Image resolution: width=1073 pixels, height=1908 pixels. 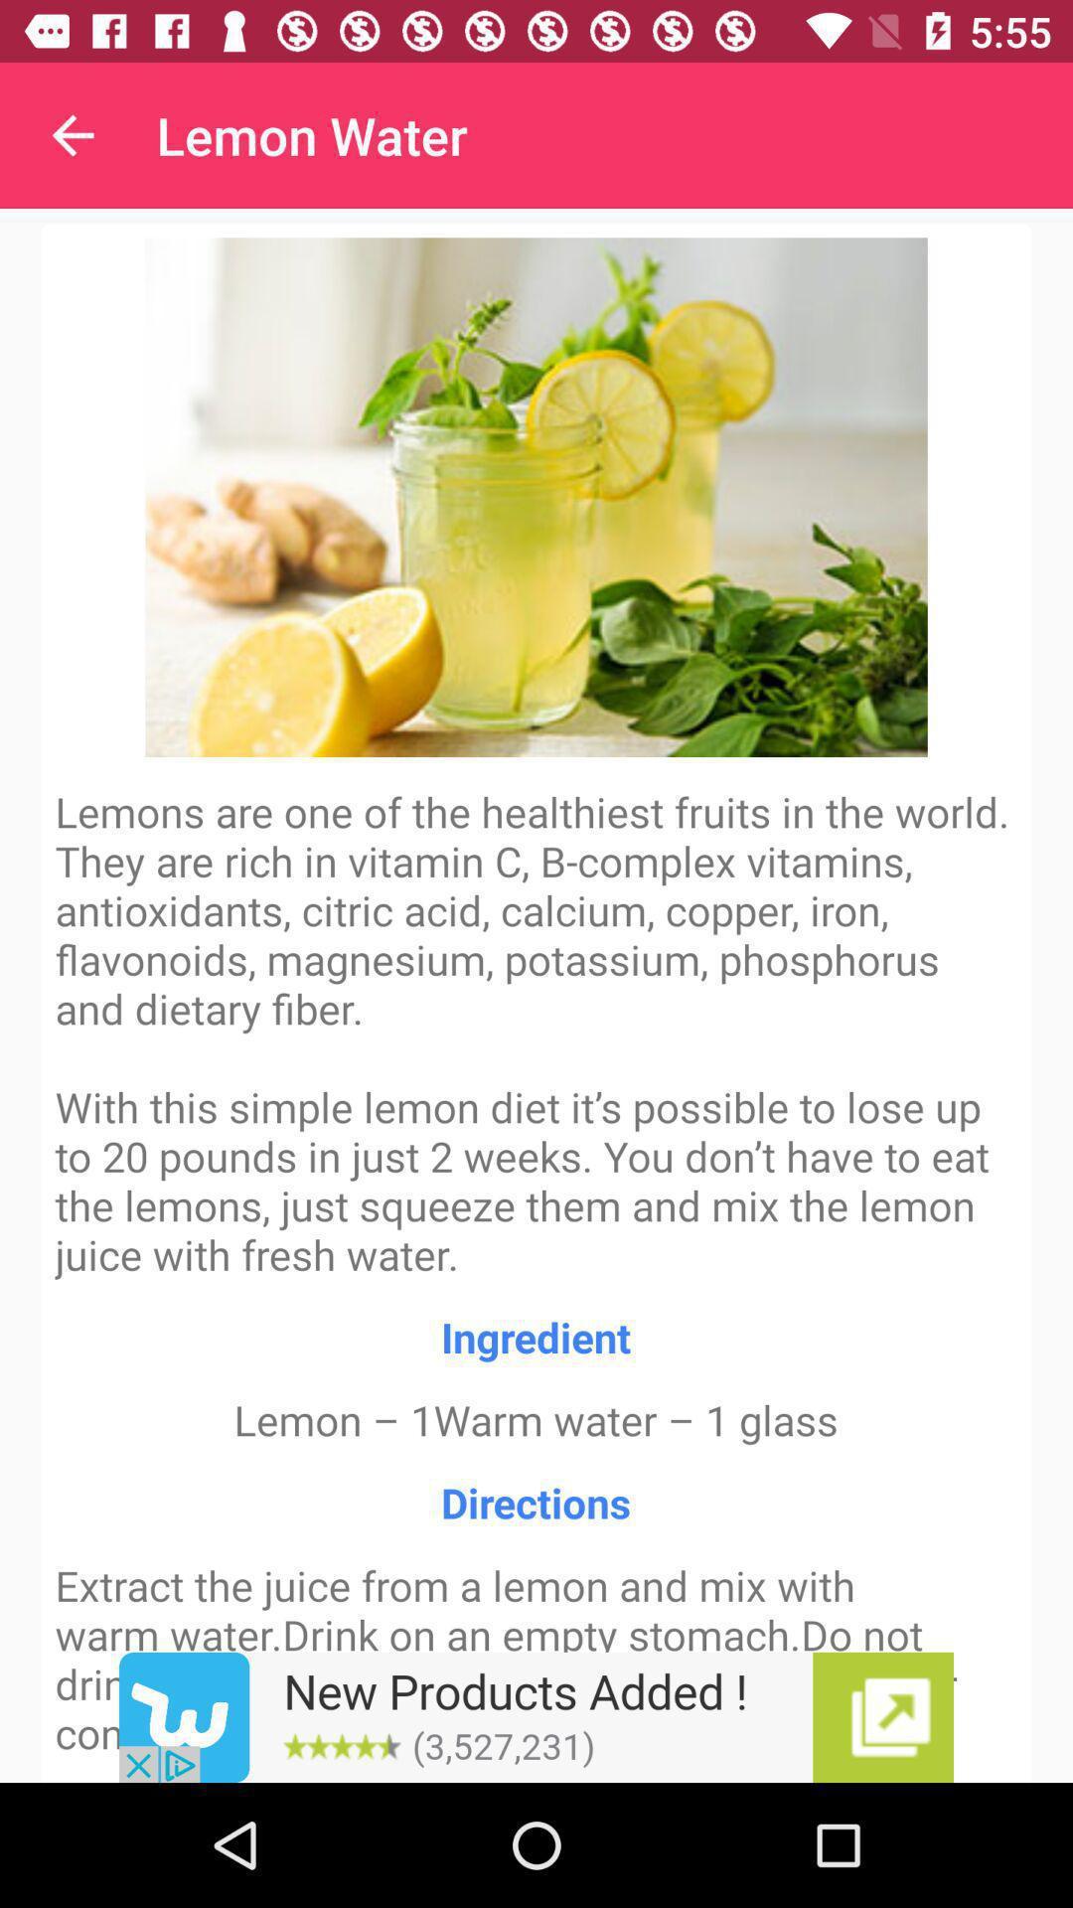 What do you see at coordinates (536, 1716) in the screenshot?
I see `download wish` at bounding box center [536, 1716].